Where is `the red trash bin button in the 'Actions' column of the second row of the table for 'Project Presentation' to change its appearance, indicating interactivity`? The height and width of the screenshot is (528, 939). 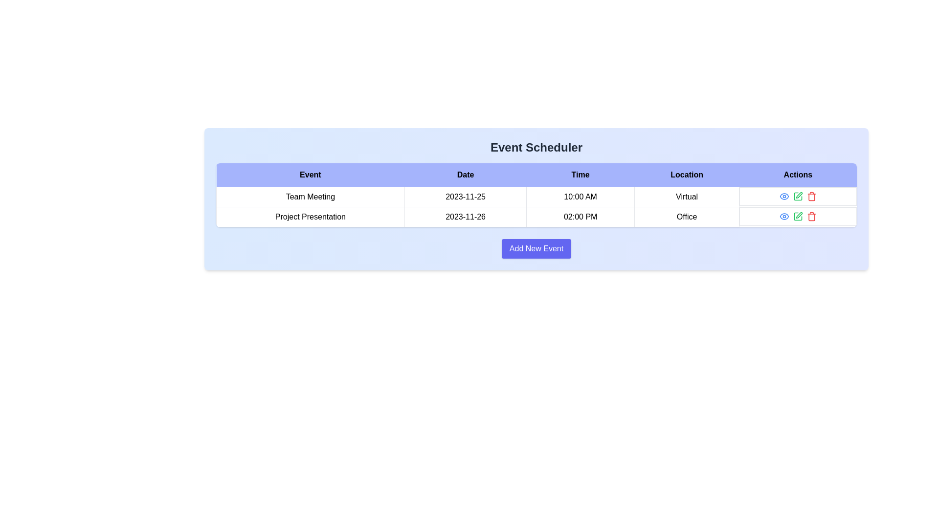
the red trash bin button in the 'Actions' column of the second row of the table for 'Project Presentation' to change its appearance, indicating interactivity is located at coordinates (812, 196).